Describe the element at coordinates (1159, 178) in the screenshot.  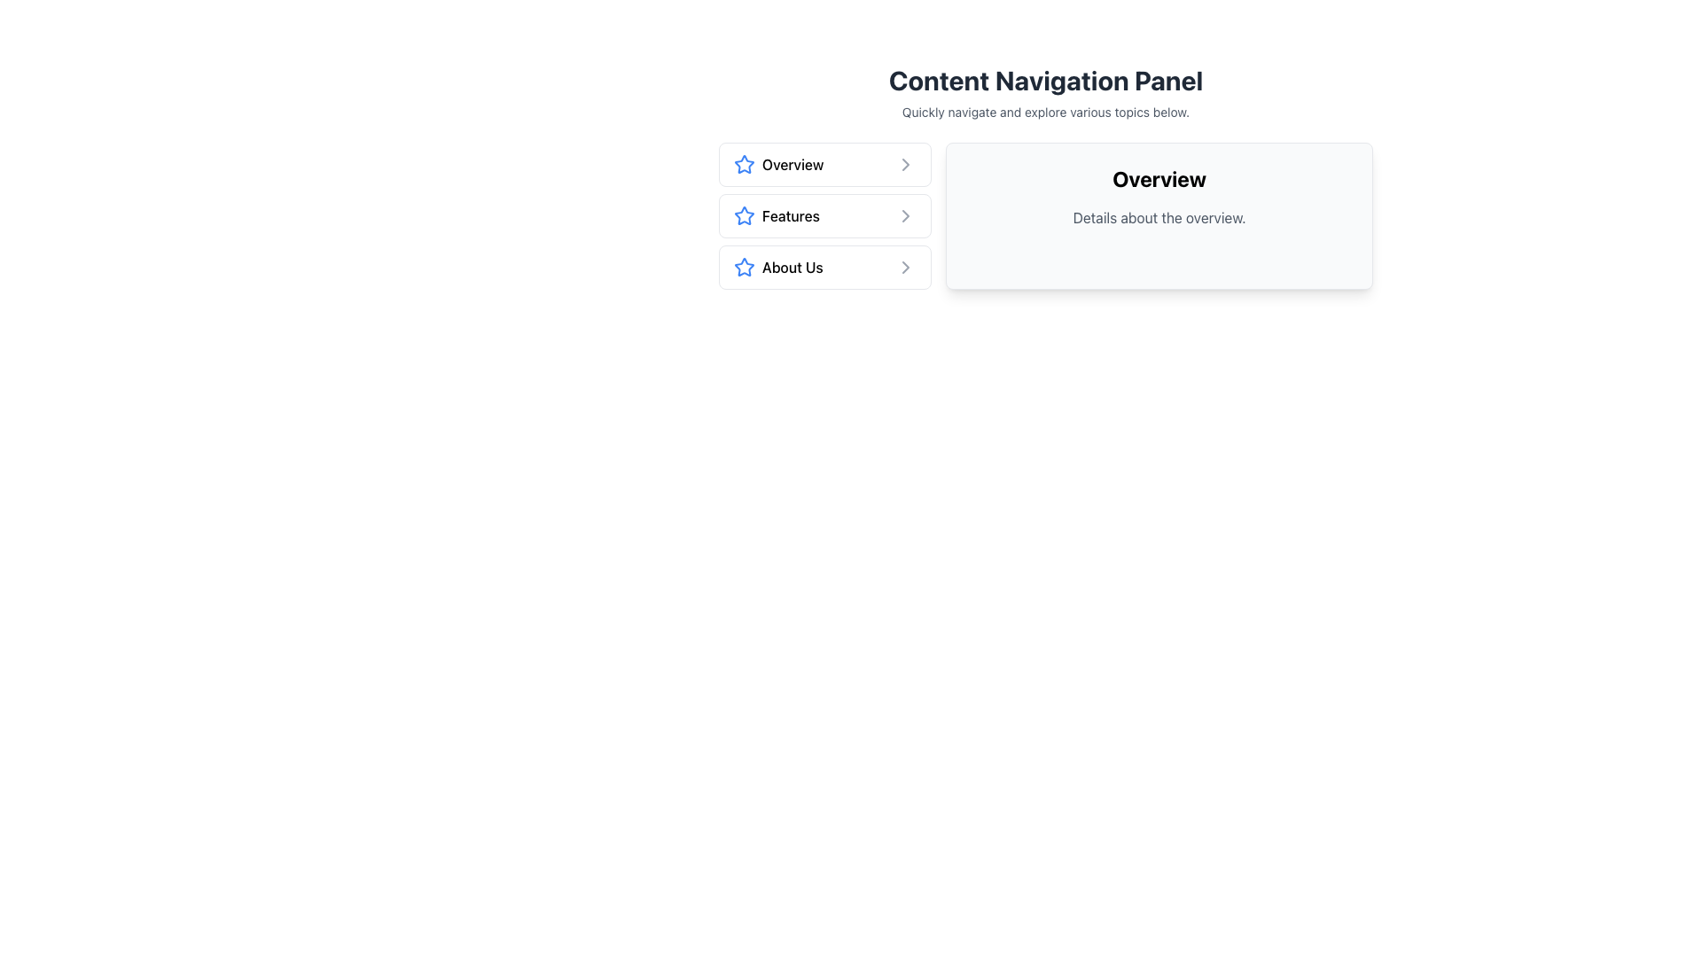
I see `the title text element located inside a gray-bordered rectangular area on the right side of the interface, positioned above the 'Details about the overview' text` at that location.